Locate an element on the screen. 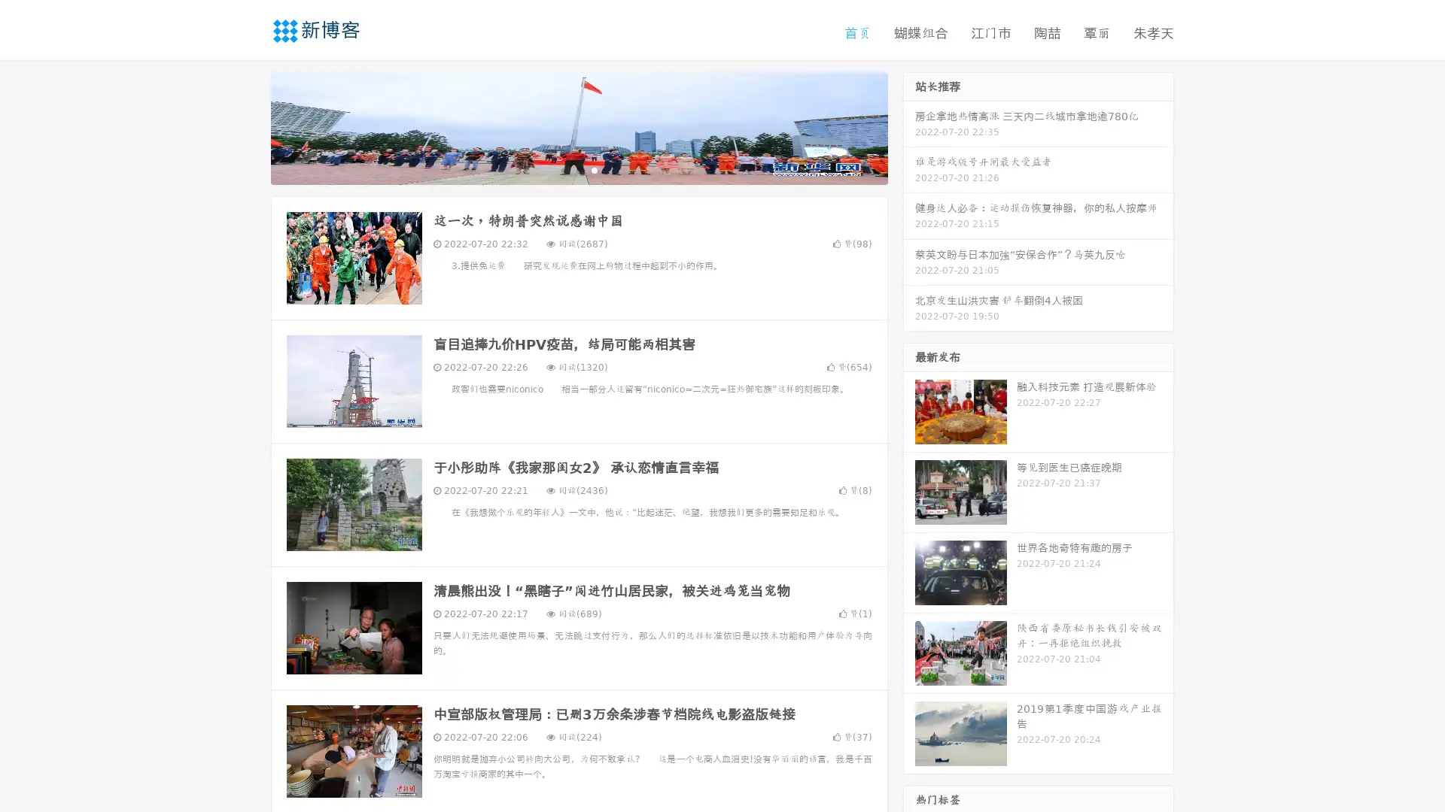  Go to slide 3 is located at coordinates (594, 169).